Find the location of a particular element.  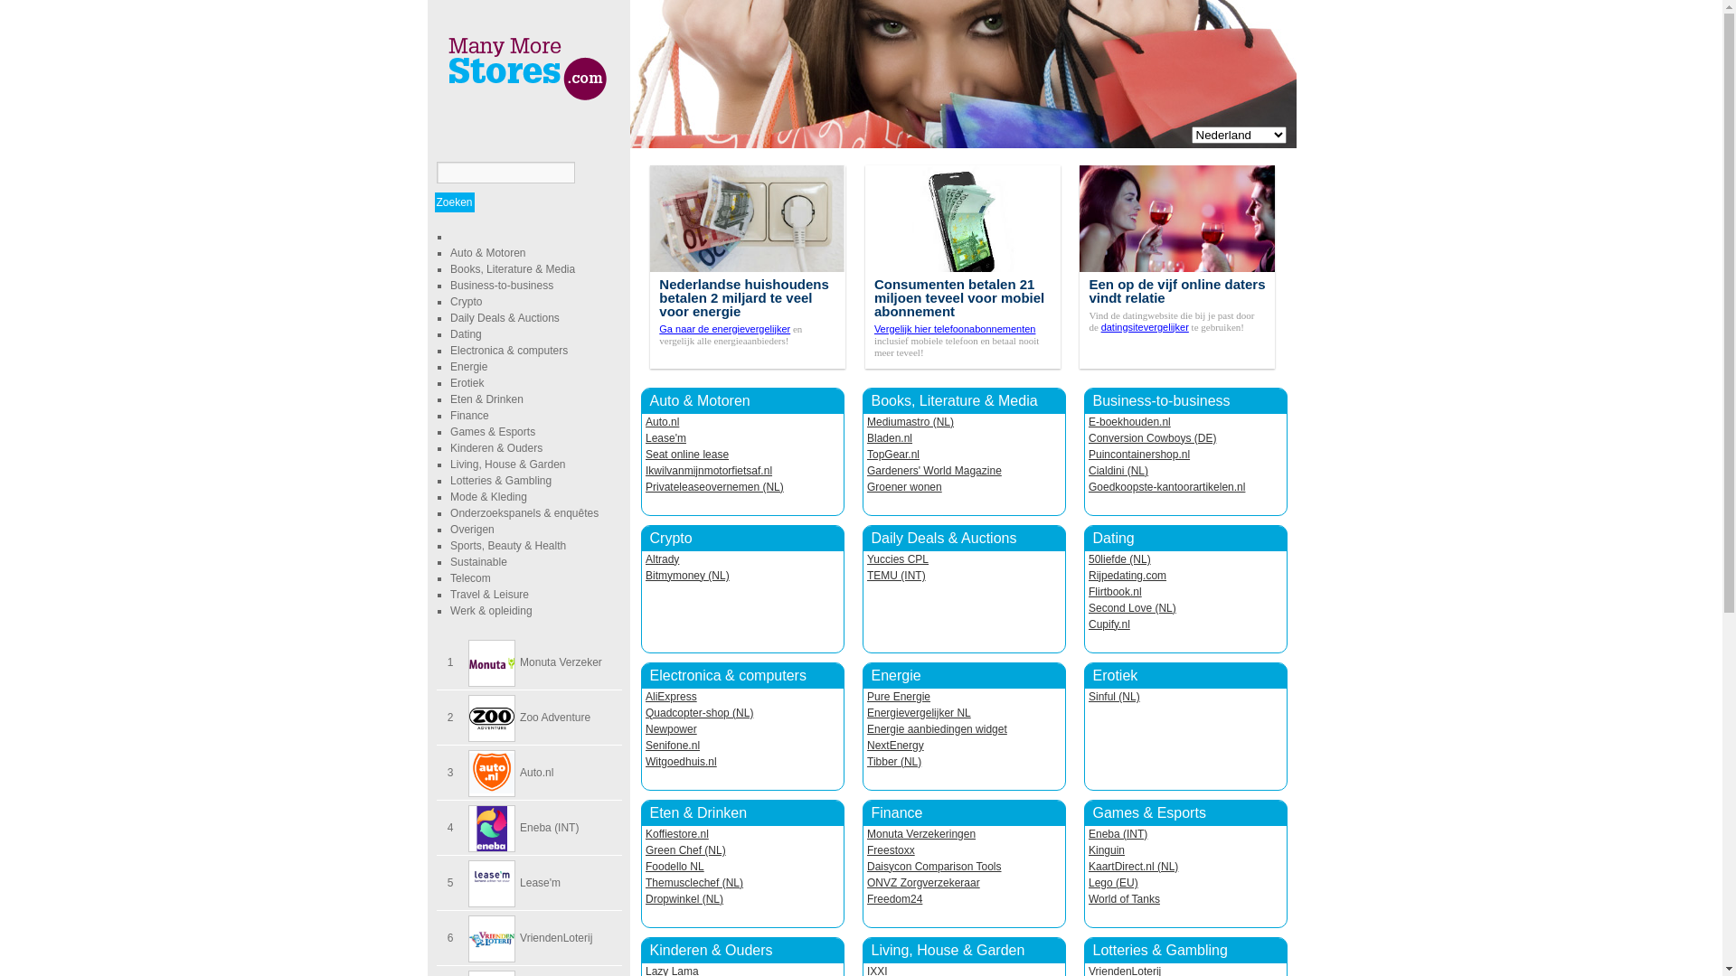

'TopGear.nl' is located at coordinates (893, 453).